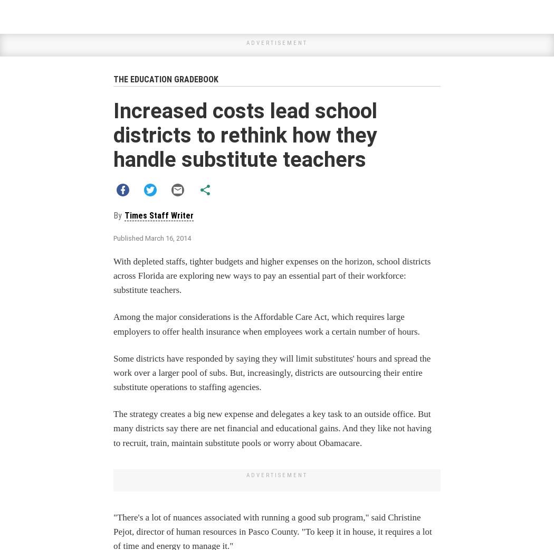 This screenshot has height=550, width=554. Describe the element at coordinates (397, 89) in the screenshot. I see `'Close'` at that location.